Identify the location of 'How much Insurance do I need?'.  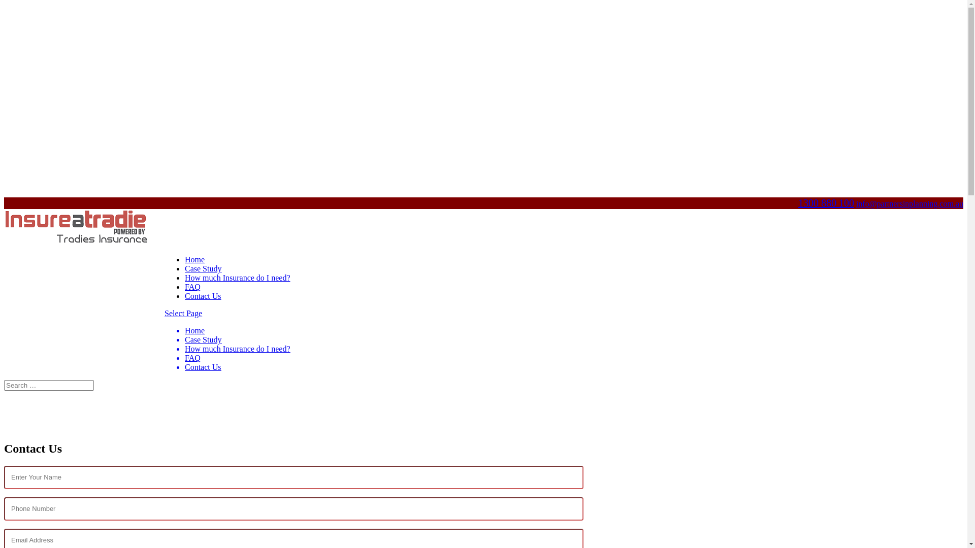
(185, 348).